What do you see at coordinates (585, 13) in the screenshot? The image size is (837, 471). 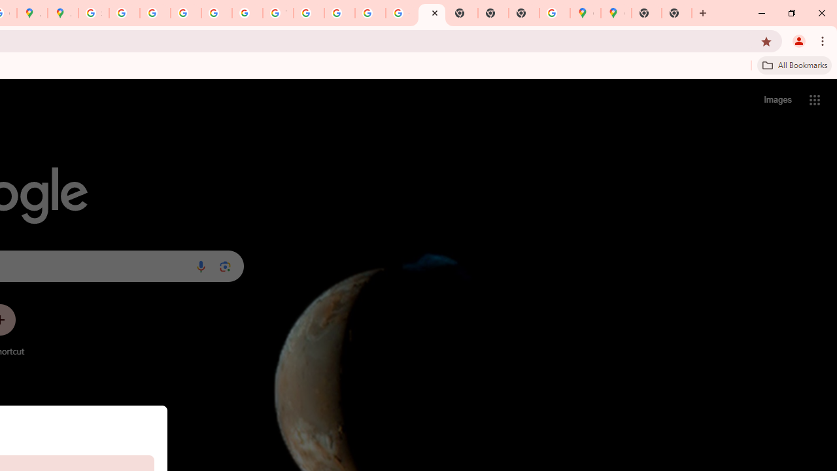 I see `'Google Maps'` at bounding box center [585, 13].